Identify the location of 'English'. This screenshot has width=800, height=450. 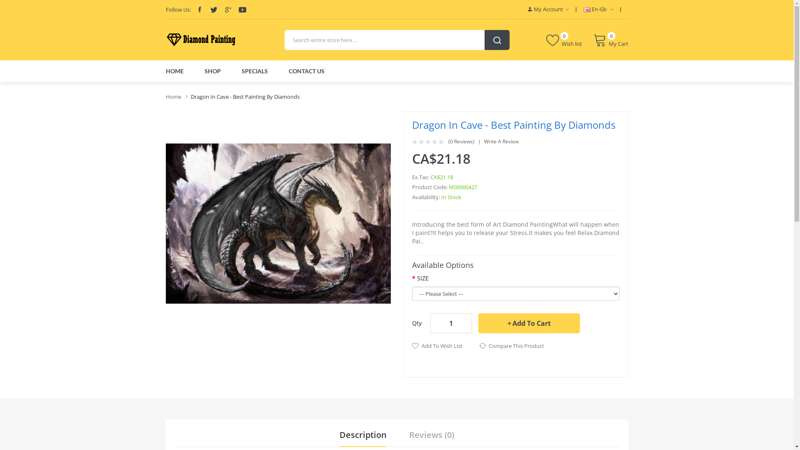
(586, 10).